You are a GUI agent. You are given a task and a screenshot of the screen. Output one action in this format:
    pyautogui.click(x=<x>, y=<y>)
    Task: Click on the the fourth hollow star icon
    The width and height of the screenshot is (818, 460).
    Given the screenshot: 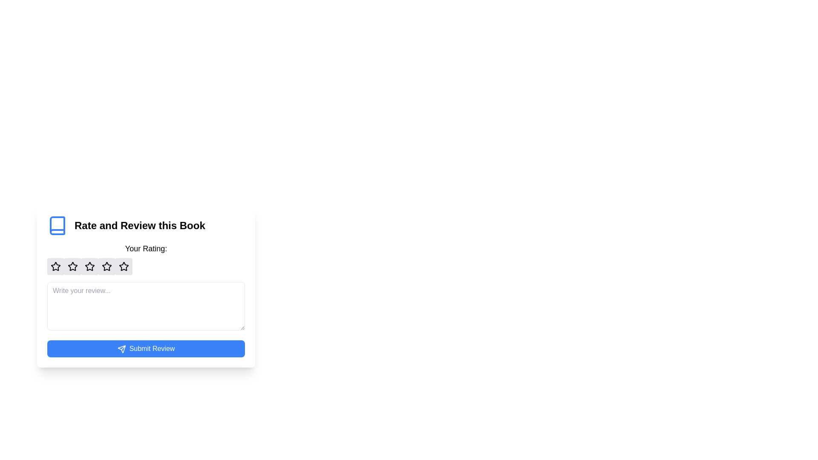 What is the action you would take?
    pyautogui.click(x=124, y=266)
    